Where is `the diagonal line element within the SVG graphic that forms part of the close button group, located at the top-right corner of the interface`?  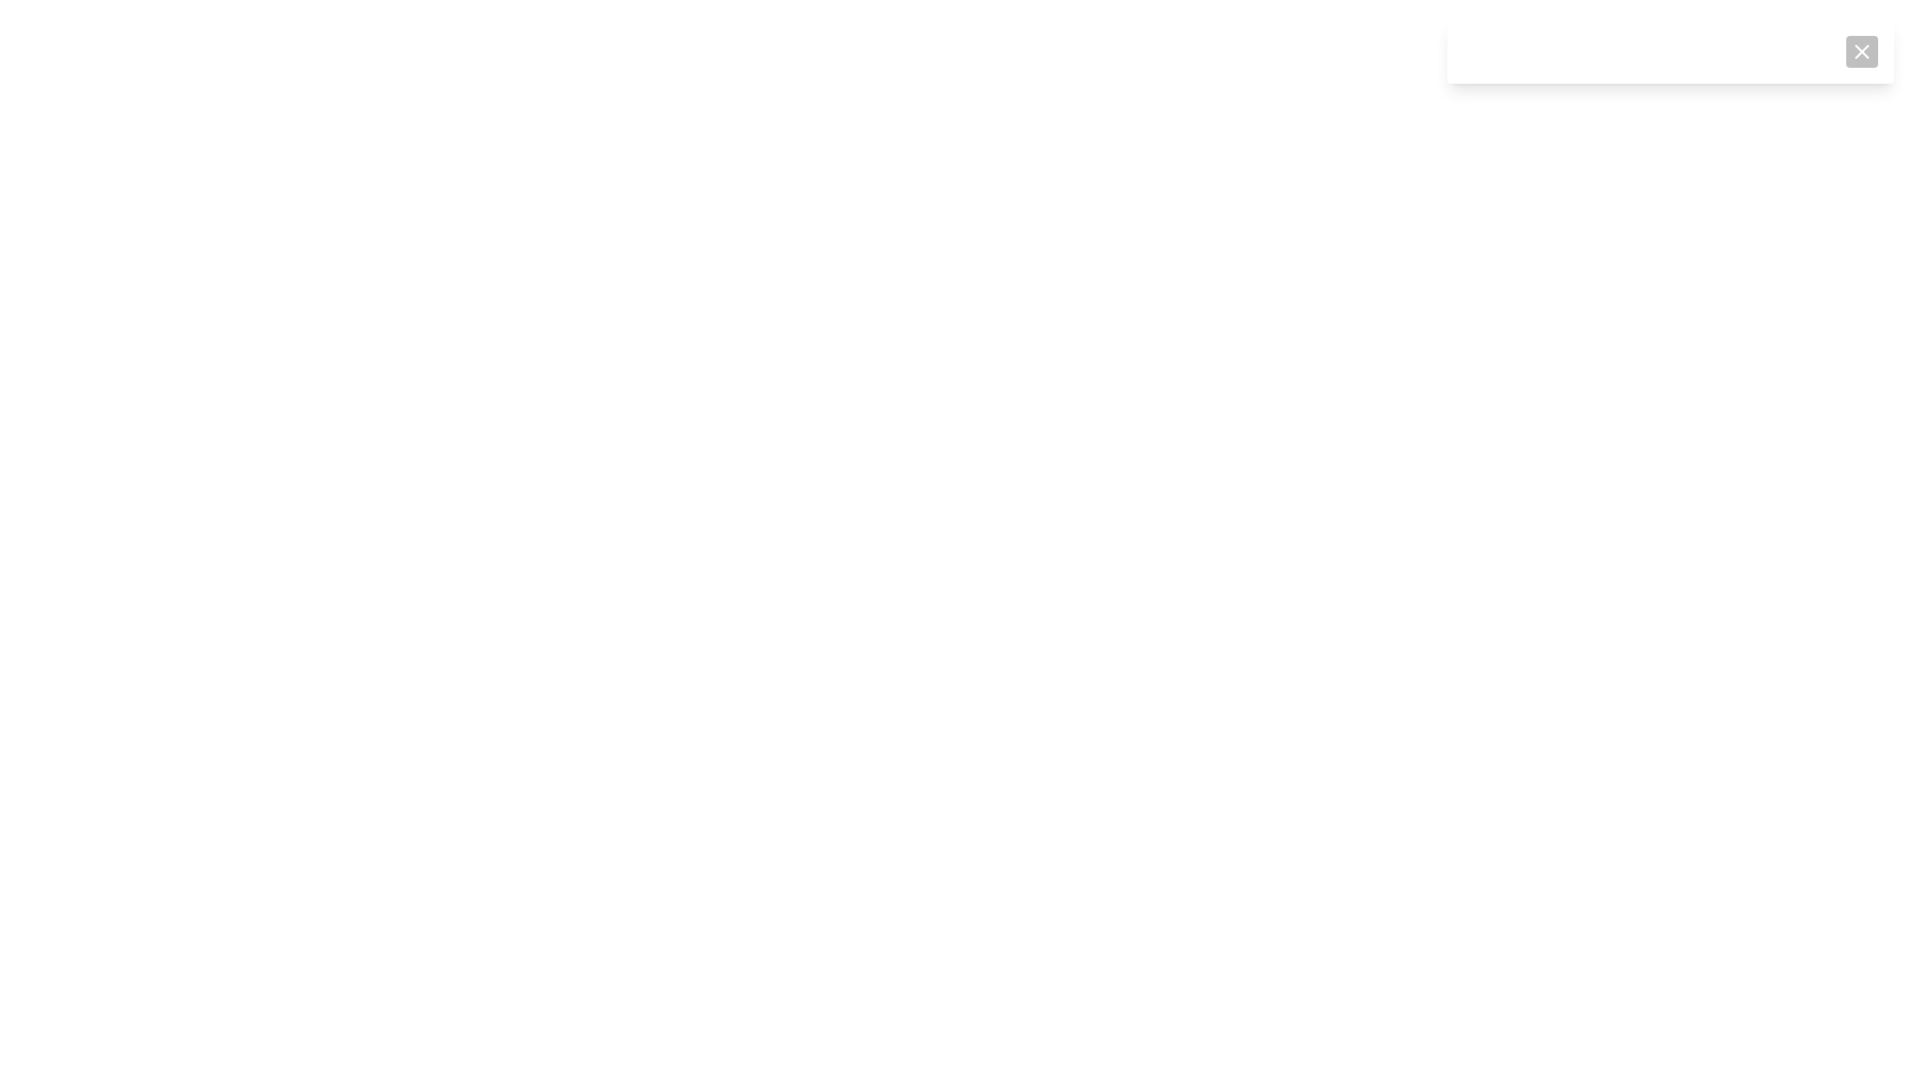 the diagonal line element within the SVG graphic that forms part of the close button group, located at the top-right corner of the interface is located at coordinates (1860, 50).